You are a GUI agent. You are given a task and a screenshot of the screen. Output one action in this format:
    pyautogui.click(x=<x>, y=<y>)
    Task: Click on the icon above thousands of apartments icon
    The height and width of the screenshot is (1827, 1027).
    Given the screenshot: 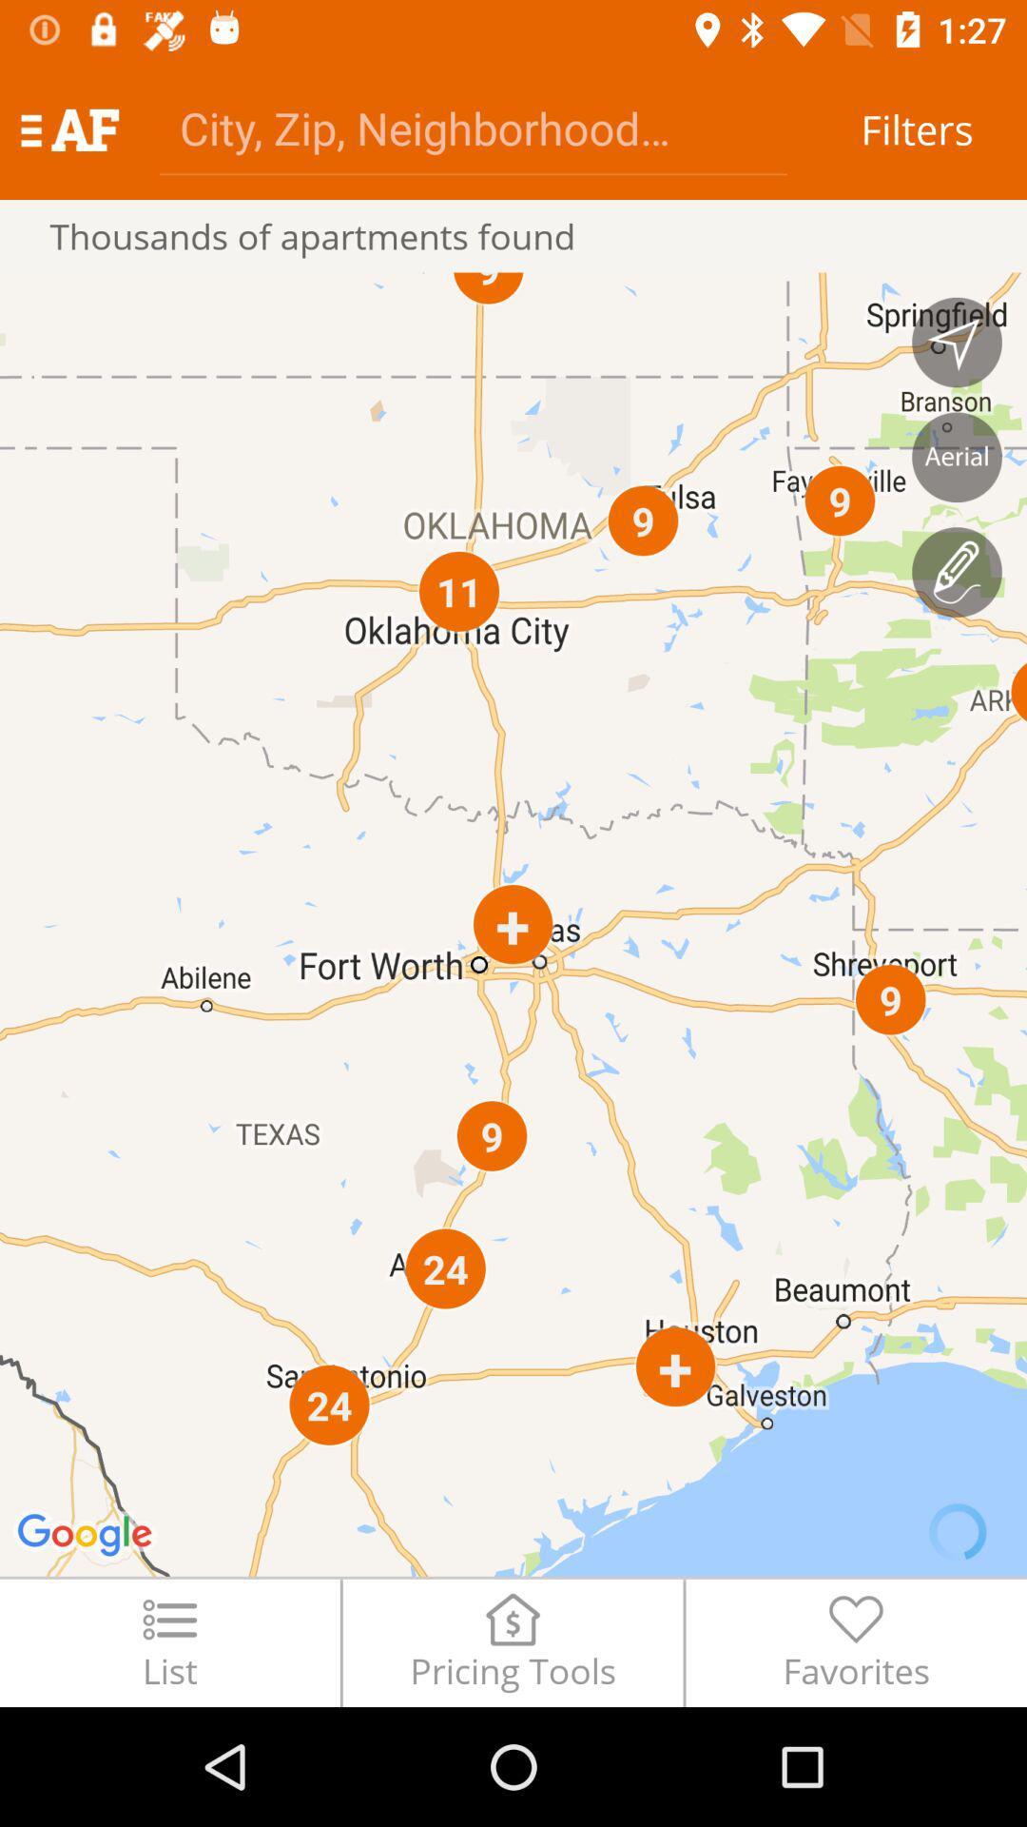 What is the action you would take?
    pyautogui.click(x=472, y=127)
    